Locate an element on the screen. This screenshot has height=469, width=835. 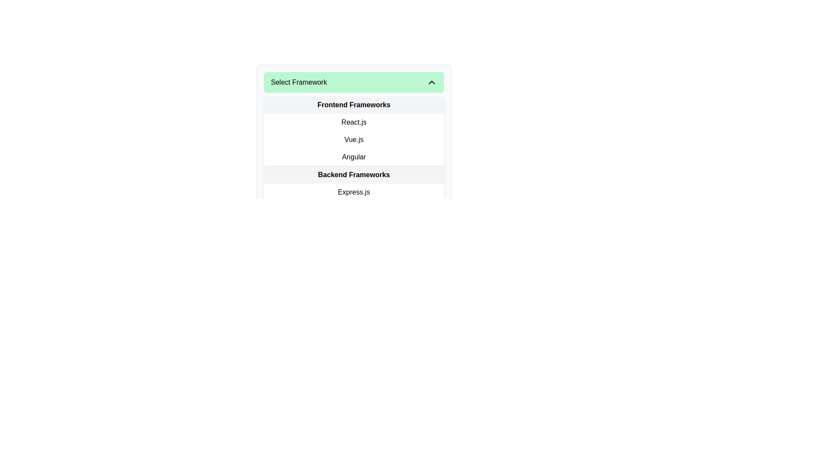
the non-interactive header that categorizes the following items as frontend frameworks, located below the 'Select Framework' dropdown and above the individual framework options is located at coordinates (354, 105).